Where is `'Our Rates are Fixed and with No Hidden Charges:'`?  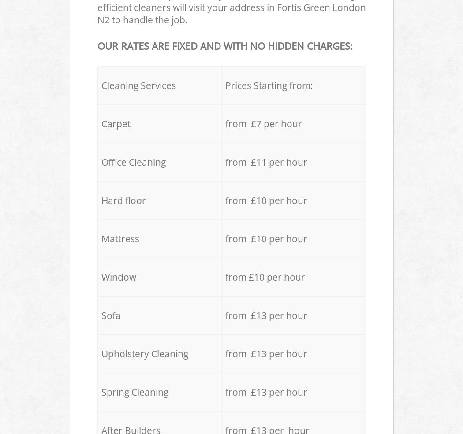 'Our Rates are Fixed and with No Hidden Charges:' is located at coordinates (96, 45).